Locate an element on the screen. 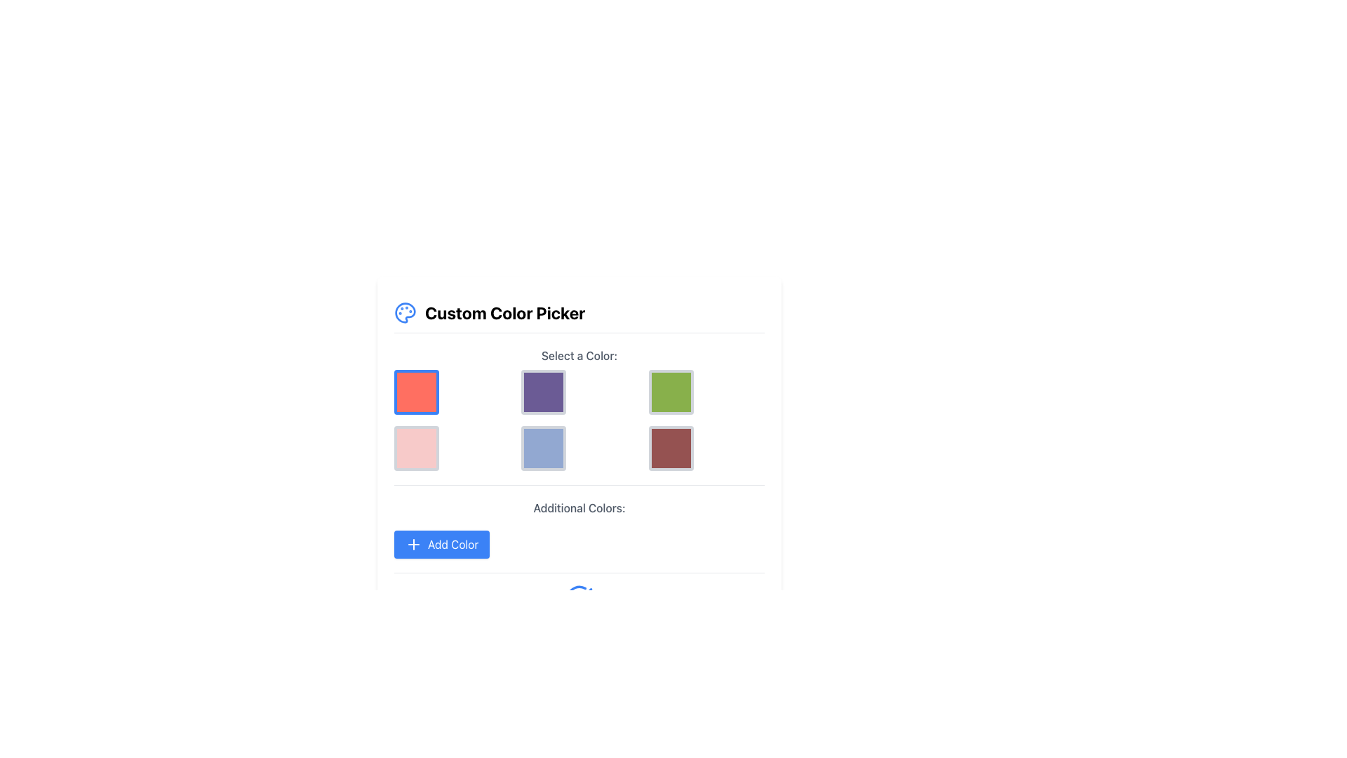  the selectable color box located in the middle of the top row of a 3x2 grid in the color picker interface, directly below the 'Select a Color' heading is located at coordinates (543, 392).